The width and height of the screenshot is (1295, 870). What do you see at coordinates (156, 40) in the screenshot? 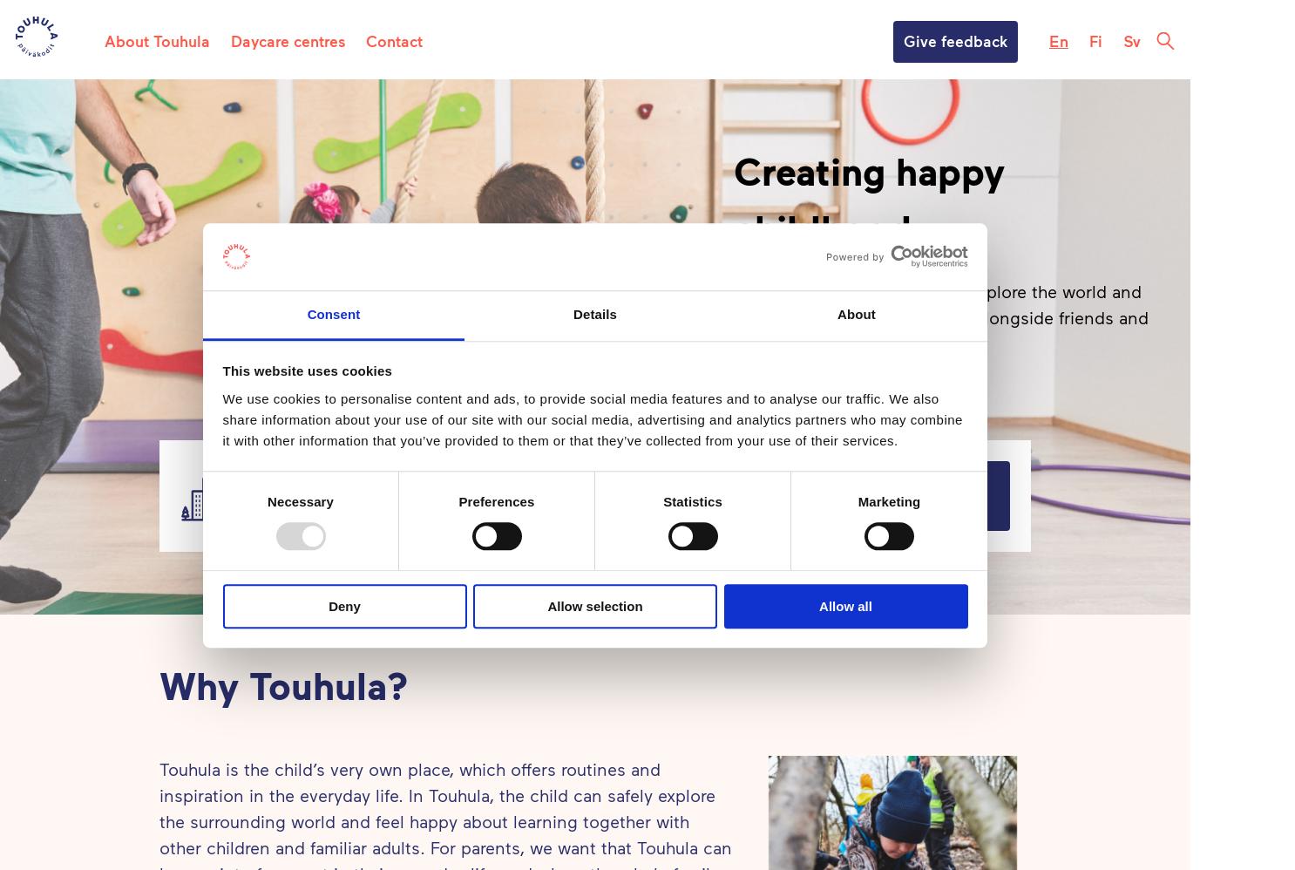
I see `'About Touhula'` at bounding box center [156, 40].